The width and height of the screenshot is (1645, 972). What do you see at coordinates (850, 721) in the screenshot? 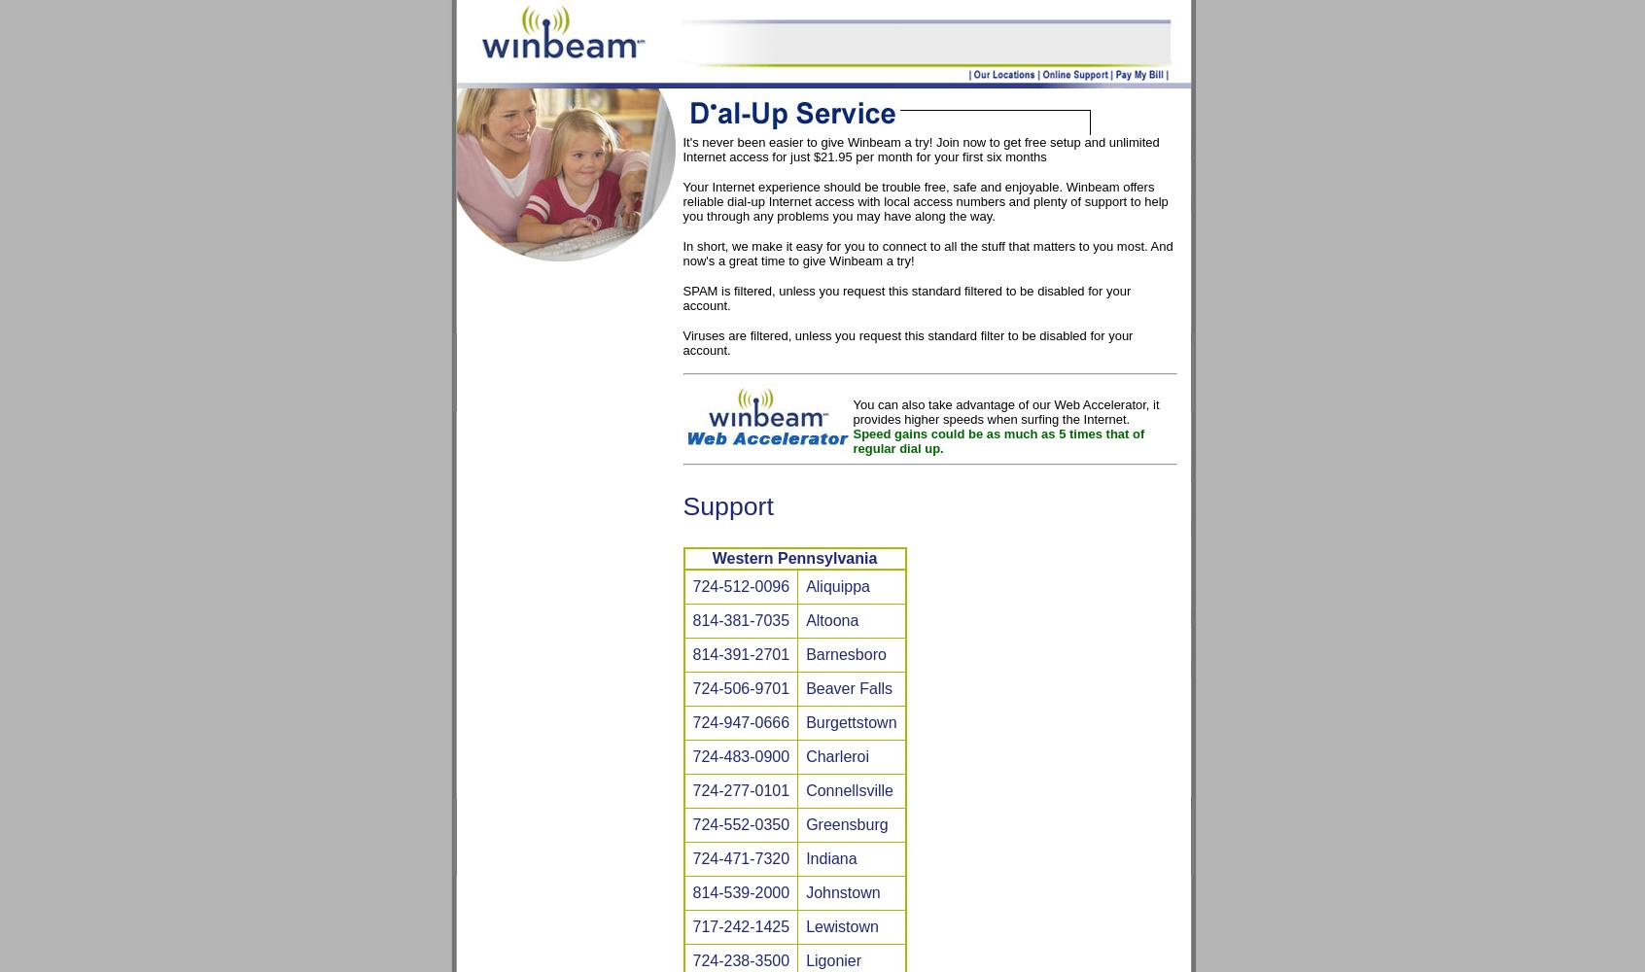
I see `'Burgettstown'` at bounding box center [850, 721].